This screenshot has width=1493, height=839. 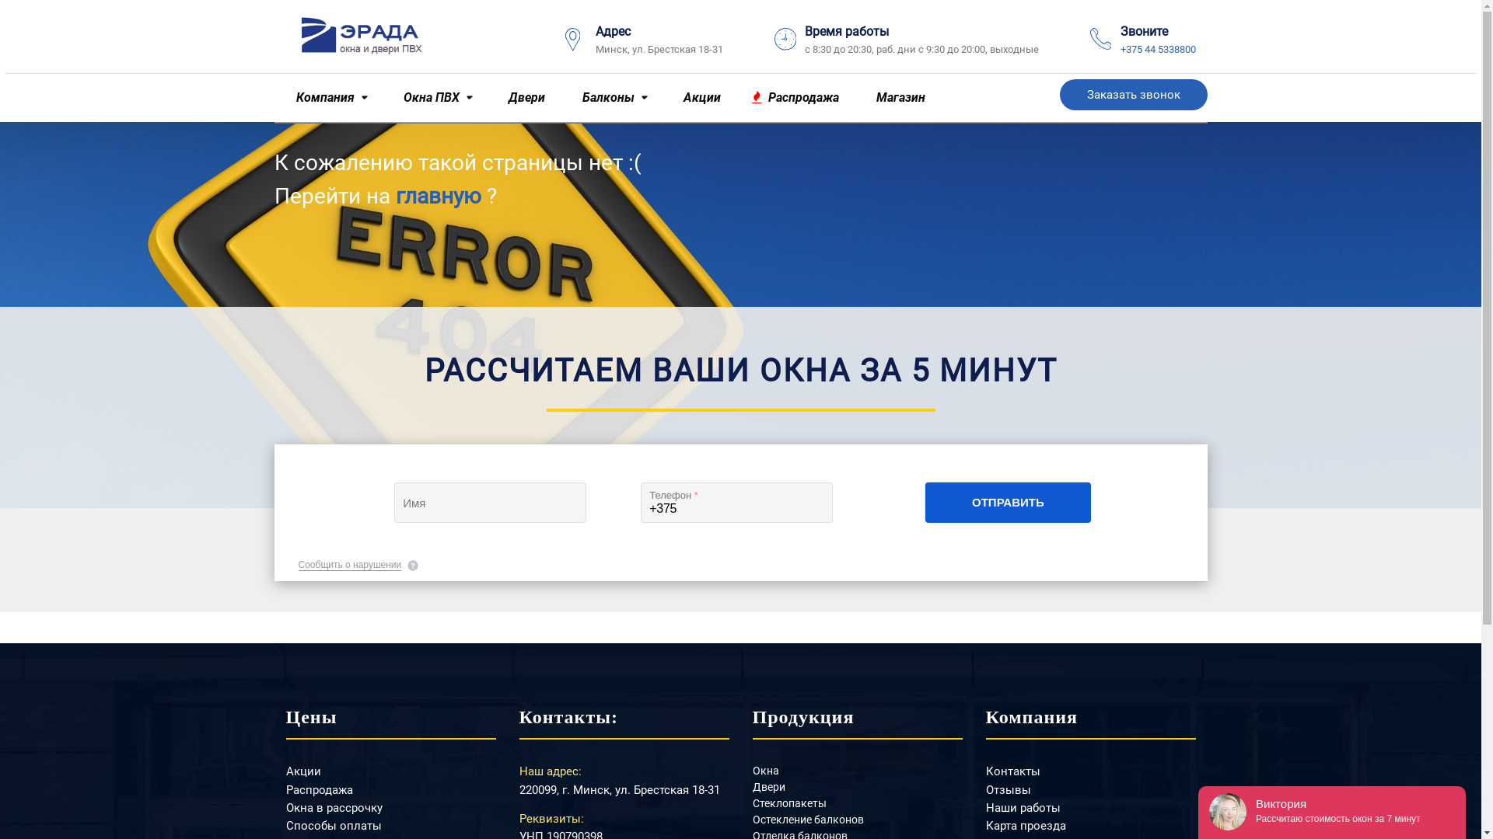 What do you see at coordinates (1157, 48) in the screenshot?
I see `'+375 44 5338800'` at bounding box center [1157, 48].